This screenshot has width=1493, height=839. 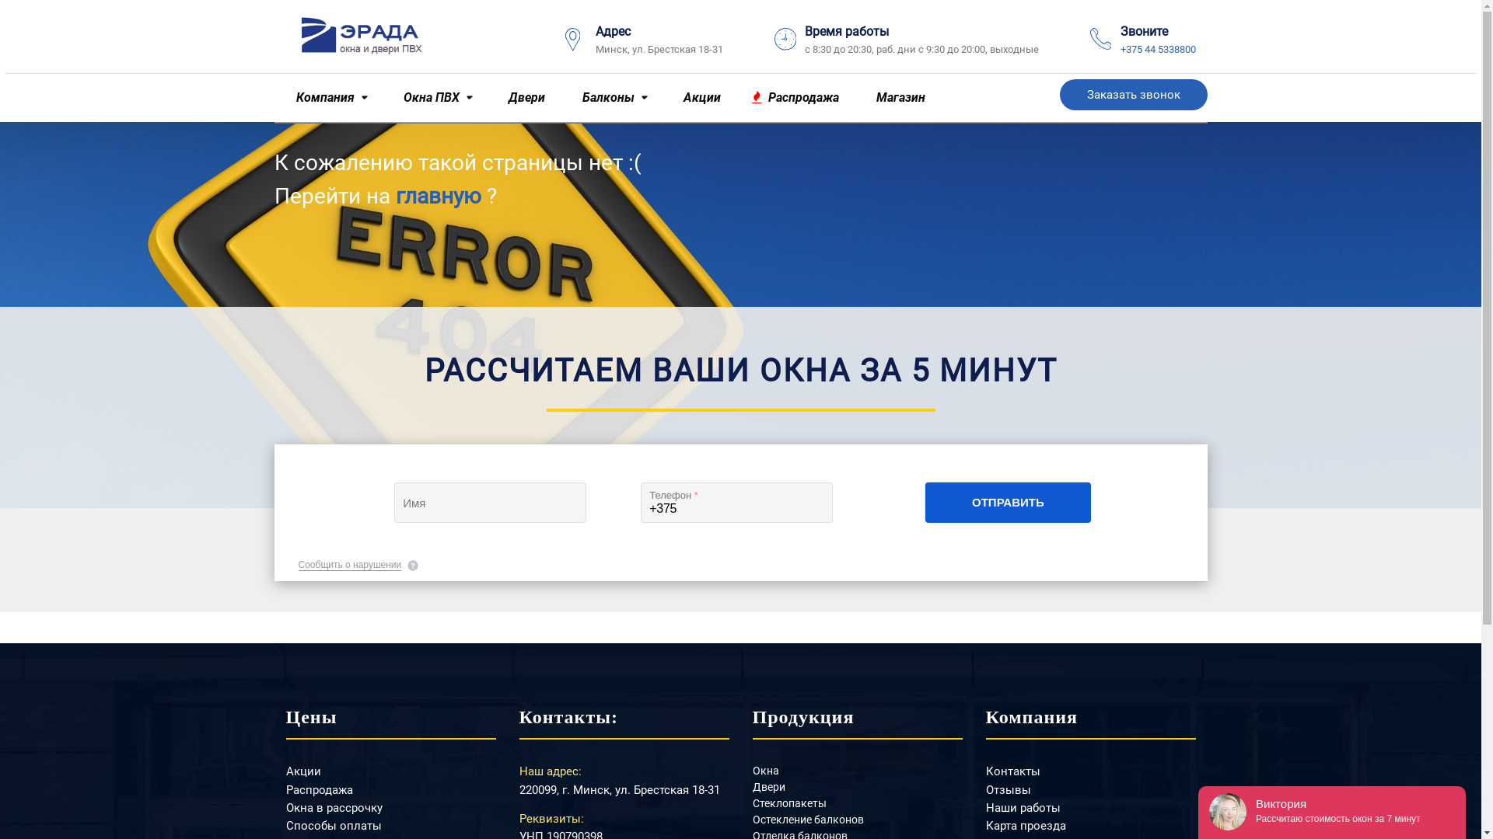 What do you see at coordinates (1157, 48) in the screenshot?
I see `'+375 44 5338800'` at bounding box center [1157, 48].